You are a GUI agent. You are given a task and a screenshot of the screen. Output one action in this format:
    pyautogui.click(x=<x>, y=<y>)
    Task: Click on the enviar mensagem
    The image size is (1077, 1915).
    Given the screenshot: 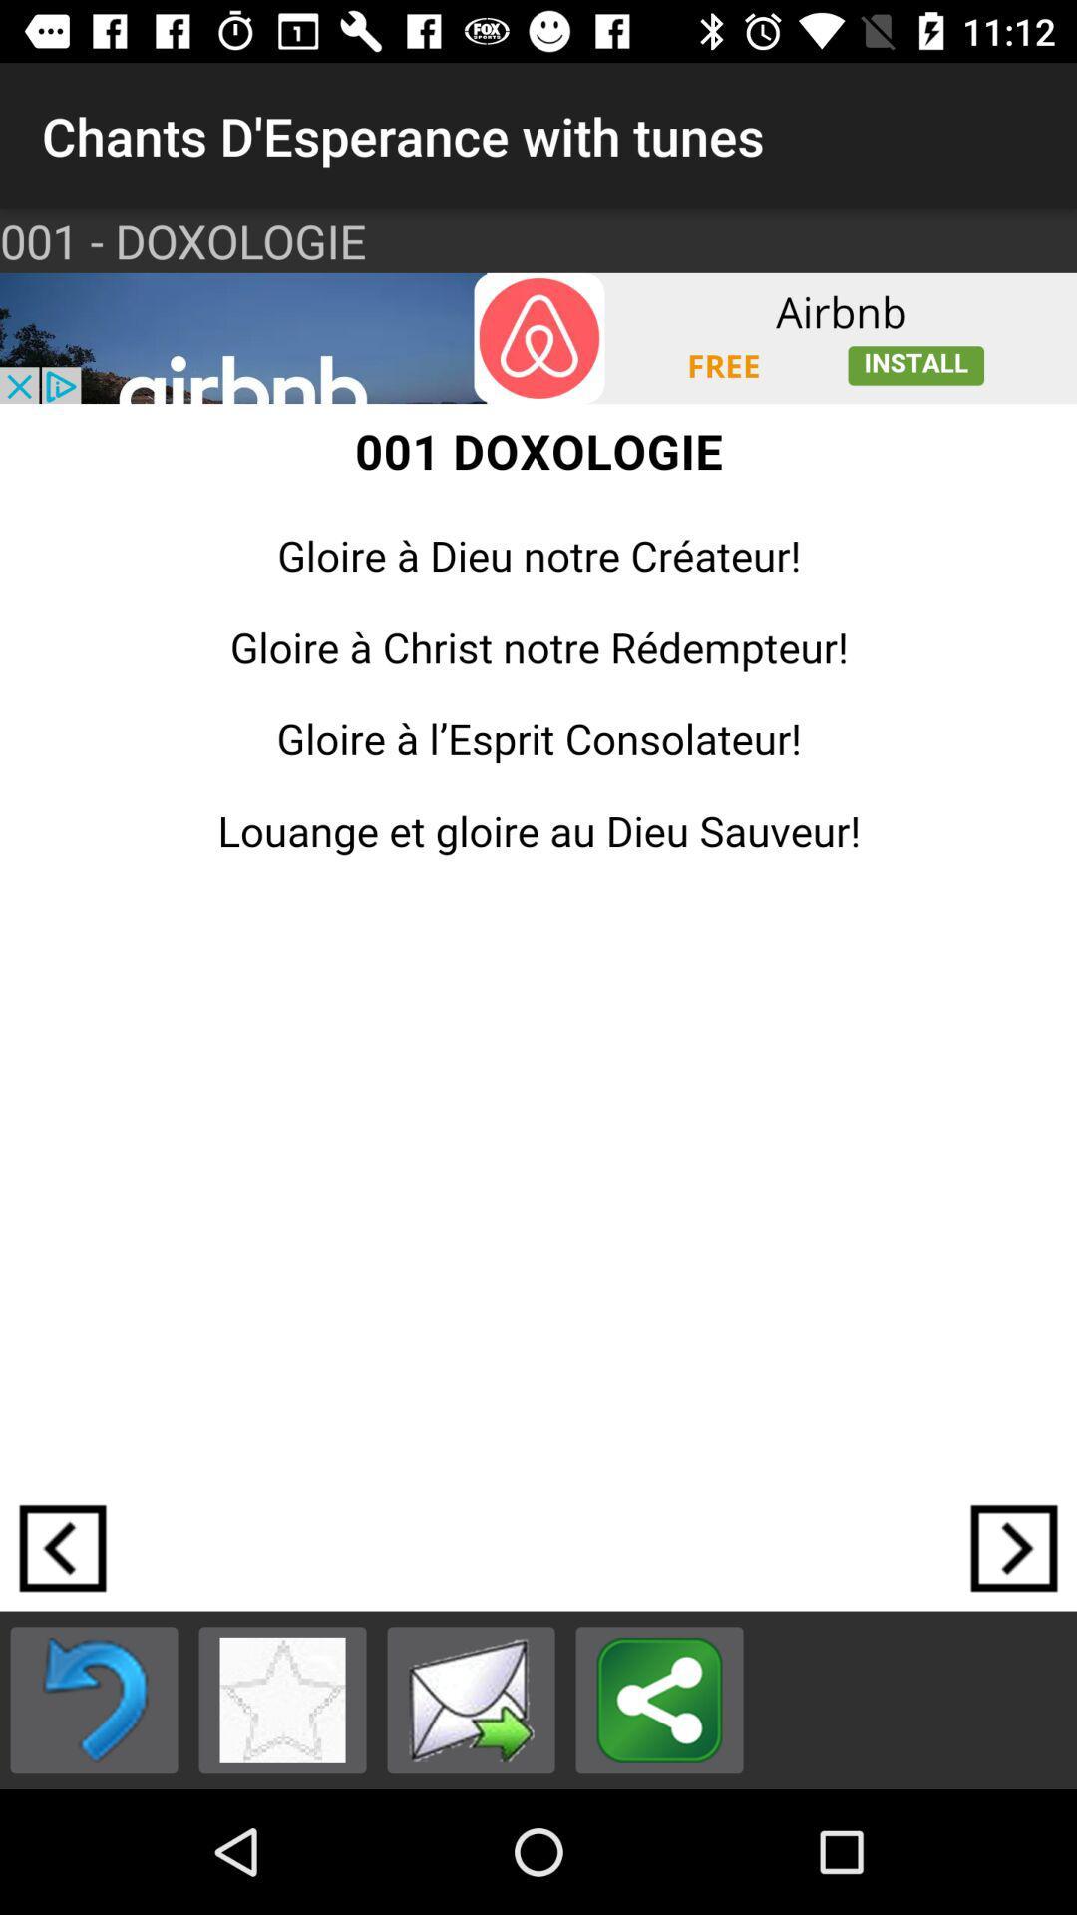 What is the action you would take?
    pyautogui.click(x=471, y=1699)
    